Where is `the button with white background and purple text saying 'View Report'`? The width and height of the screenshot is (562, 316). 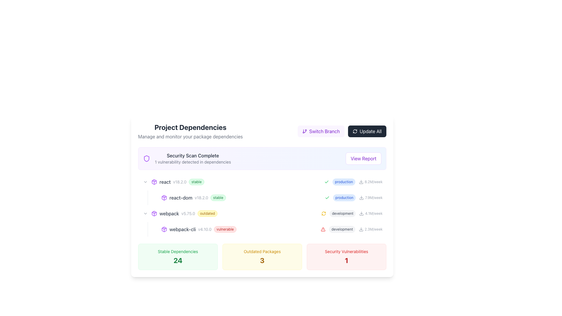 the button with white background and purple text saying 'View Report' is located at coordinates (363, 159).